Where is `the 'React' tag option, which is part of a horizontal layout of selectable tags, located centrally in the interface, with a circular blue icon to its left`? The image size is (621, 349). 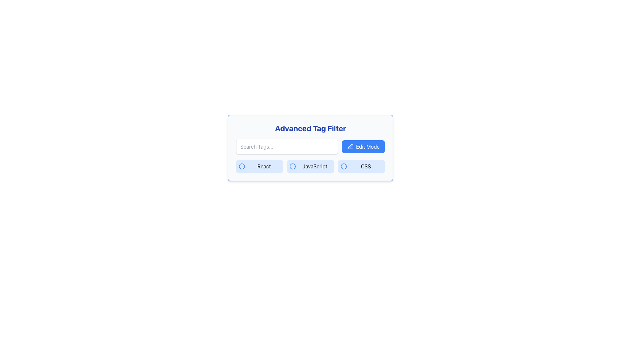
the 'React' tag option, which is part of a horizontal layout of selectable tags, located centrally in the interface, with a circular blue icon to its left is located at coordinates (264, 166).